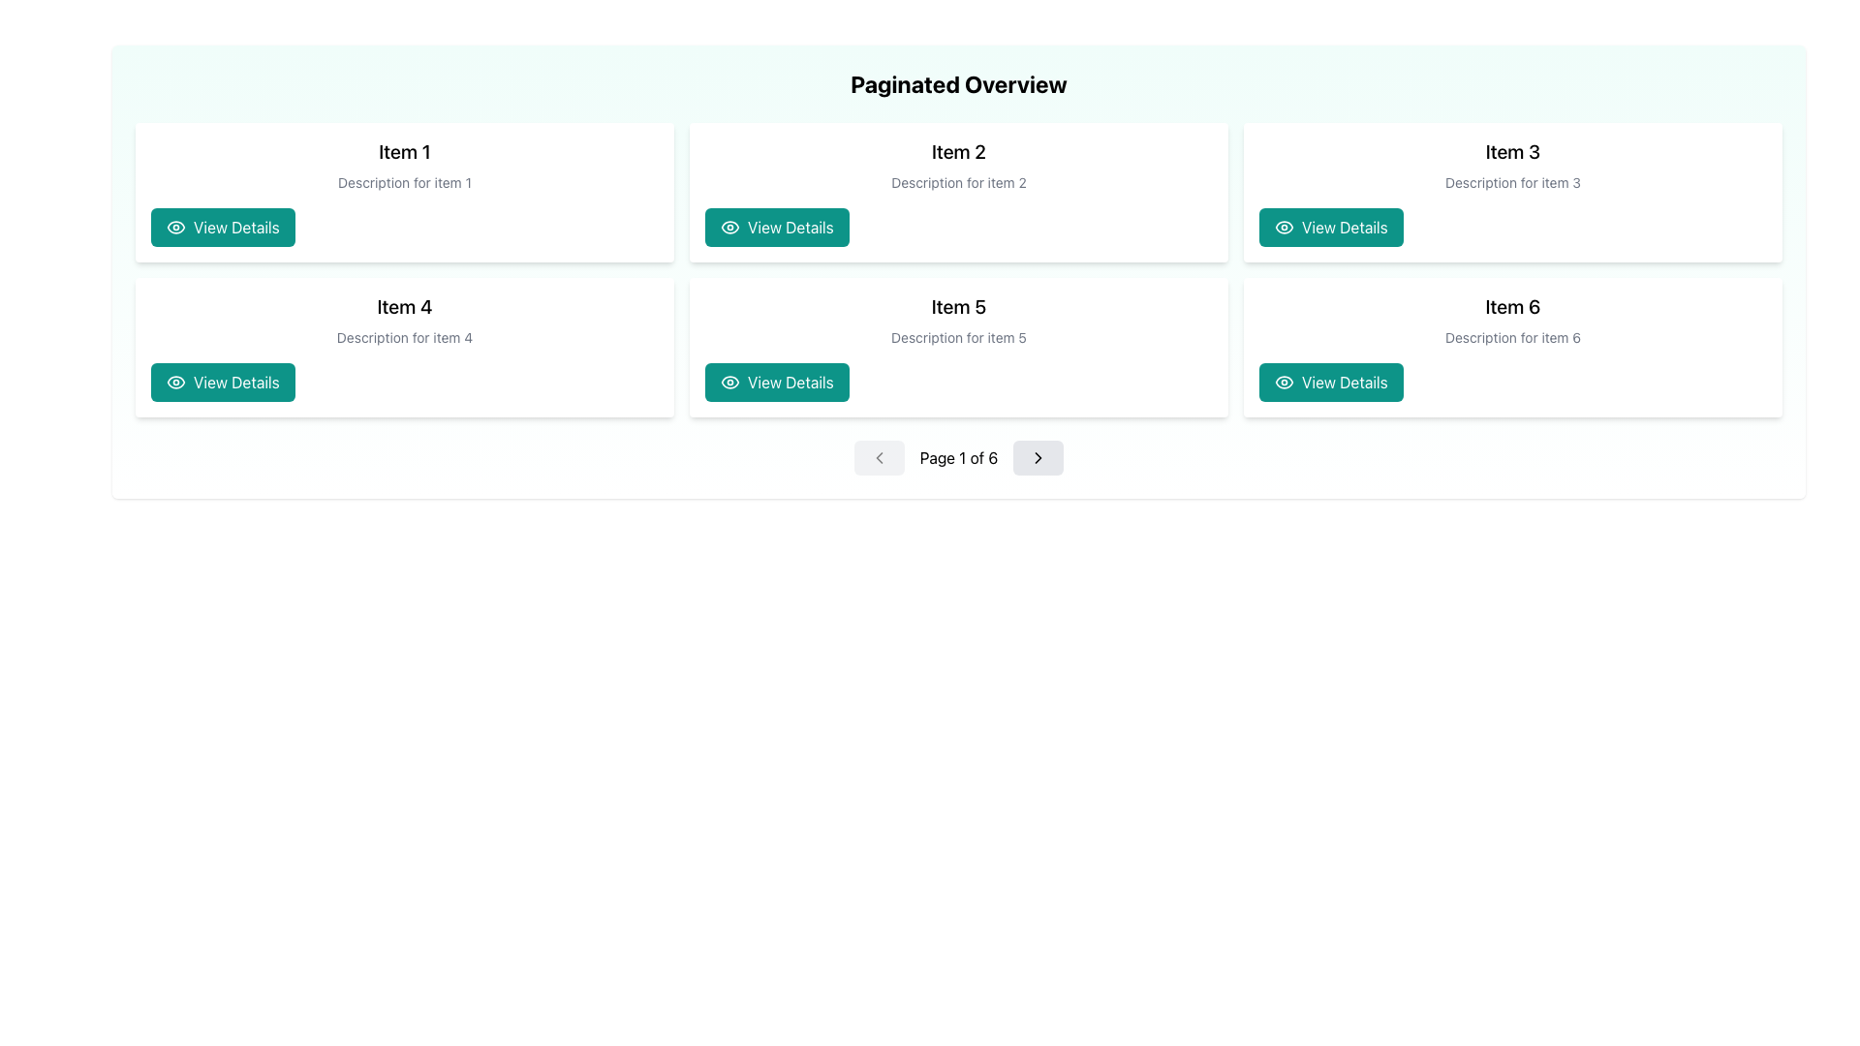  What do you see at coordinates (958, 458) in the screenshot?
I see `the text label that displays the current page number and total pages in the pagination panel at the bottom of the 'Paginated Overview' section, located between the backward and forward navigation buttons` at bounding box center [958, 458].